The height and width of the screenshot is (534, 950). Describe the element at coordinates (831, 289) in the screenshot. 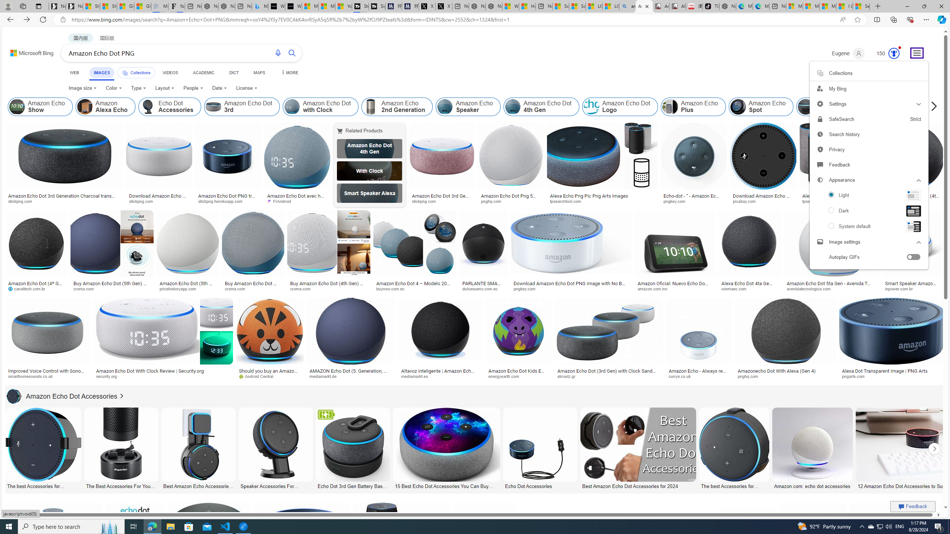

I see `'avenidatecnologica.com'` at that location.